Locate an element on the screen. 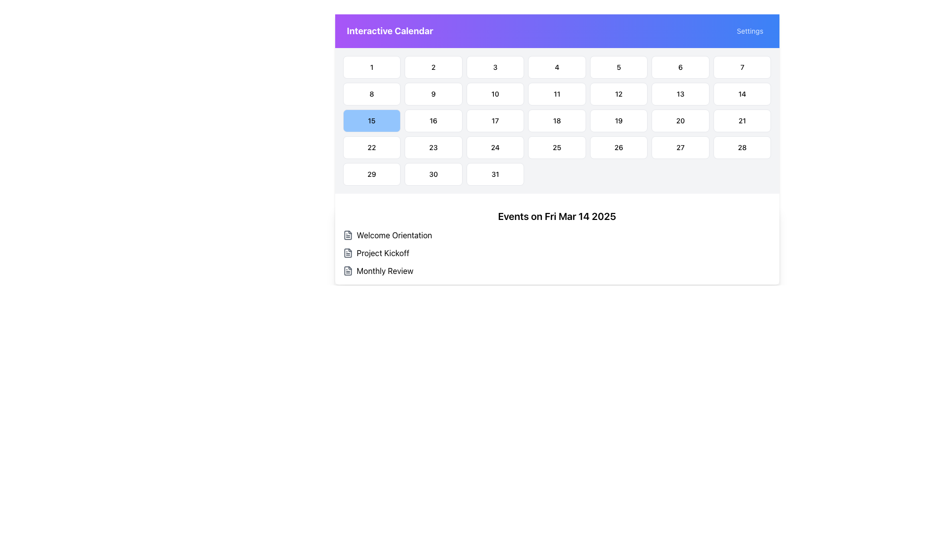  the text label displaying the number '28' within the calendar grid item, which is styled with a white background and a thin border is located at coordinates (742, 147).